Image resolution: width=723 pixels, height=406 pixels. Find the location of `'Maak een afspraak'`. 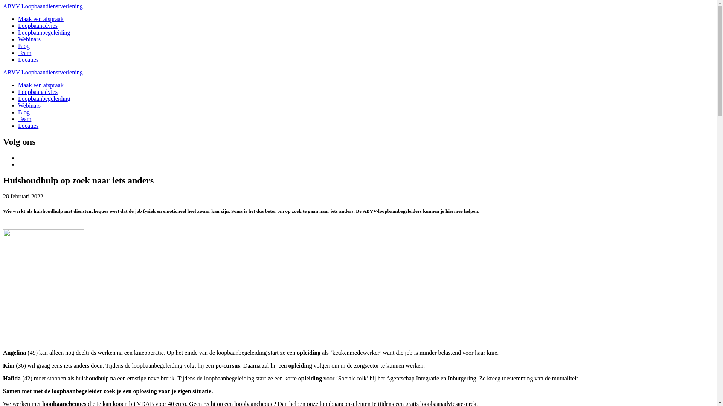

'Maak een afspraak' is located at coordinates (40, 18).